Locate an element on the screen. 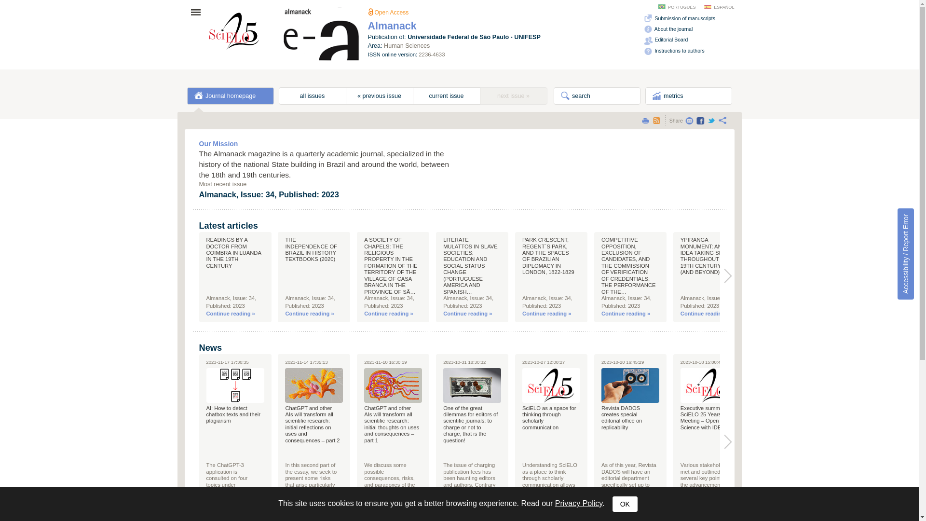 Image resolution: width=926 pixels, height=521 pixels. 'current issue' is located at coordinates (446, 96).